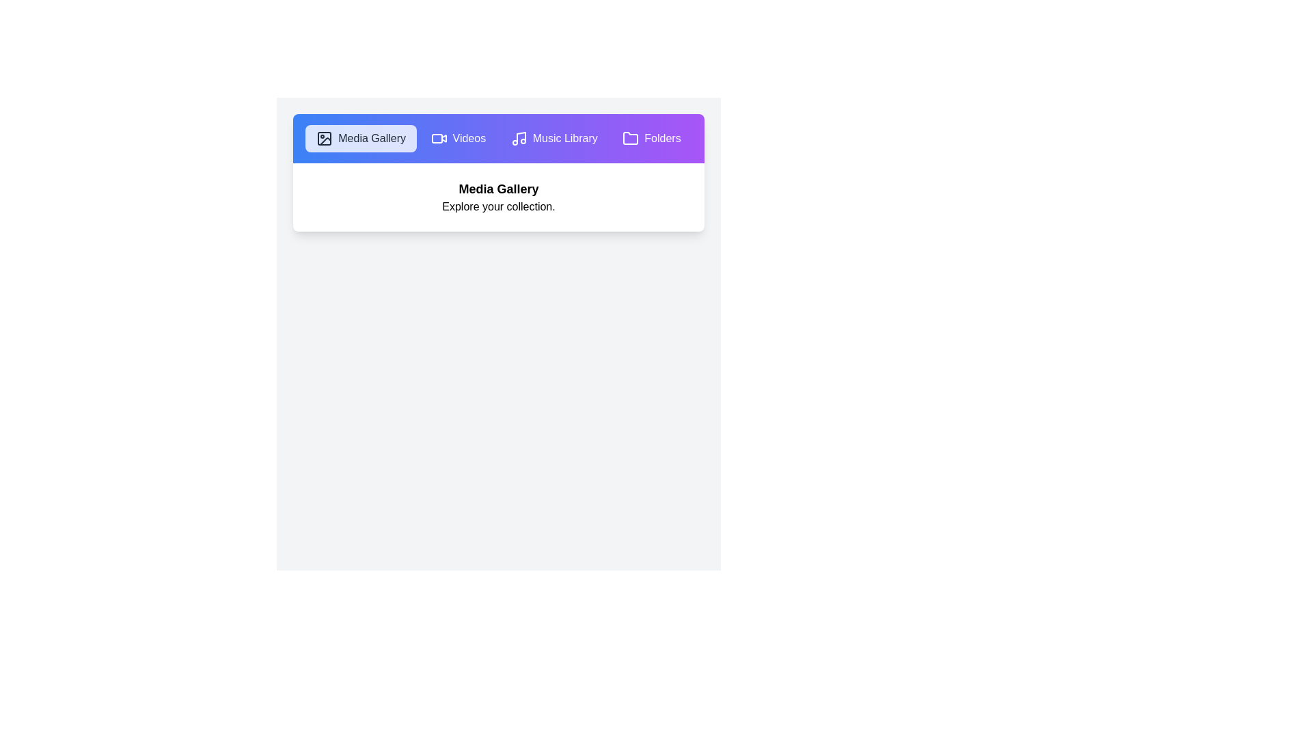 Image resolution: width=1312 pixels, height=738 pixels. What do you see at coordinates (324, 139) in the screenshot?
I see `the primary square-shaped visual icon component located at the leftmost position of the horizontal navigation bar, which is followed by the labels 'Videos' and 'Music Library.'` at bounding box center [324, 139].